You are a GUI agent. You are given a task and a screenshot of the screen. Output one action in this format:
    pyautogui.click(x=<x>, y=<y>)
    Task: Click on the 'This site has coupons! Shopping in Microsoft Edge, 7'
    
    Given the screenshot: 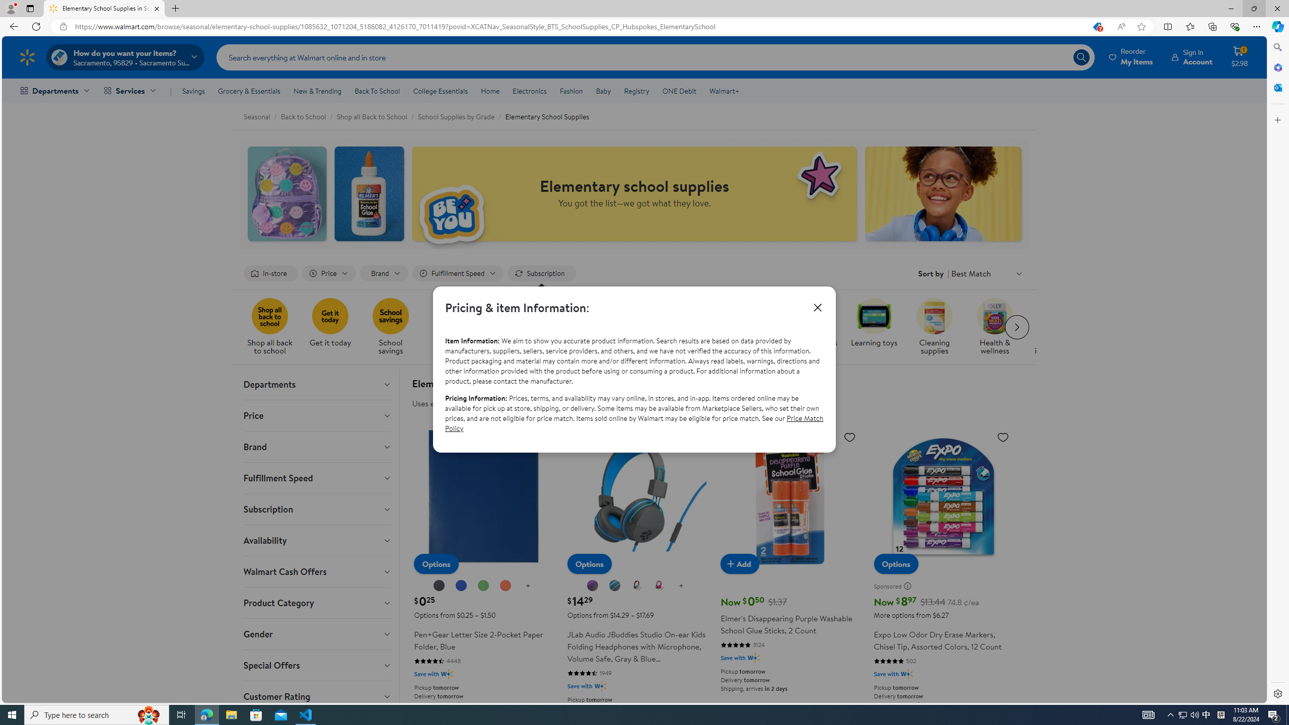 What is the action you would take?
    pyautogui.click(x=1096, y=27)
    